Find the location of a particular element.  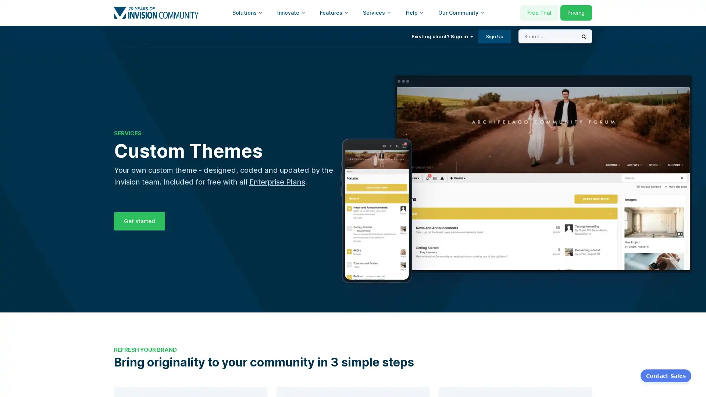

Features is located at coordinates (334, 12).